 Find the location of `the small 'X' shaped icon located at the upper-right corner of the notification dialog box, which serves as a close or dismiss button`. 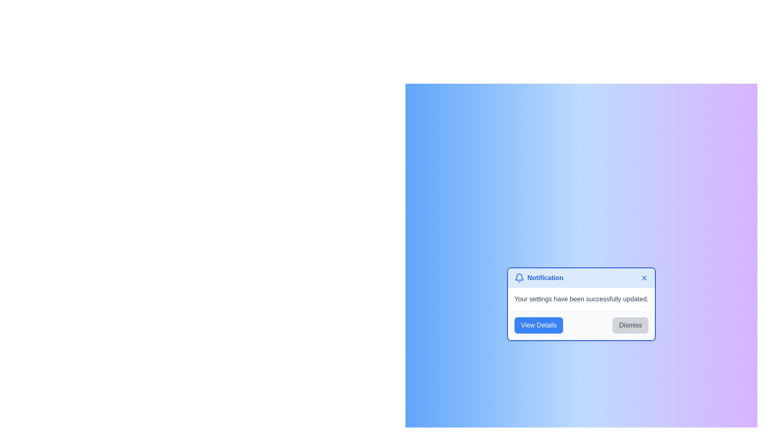

the small 'X' shaped icon located at the upper-right corner of the notification dialog box, which serves as a close or dismiss button is located at coordinates (644, 278).